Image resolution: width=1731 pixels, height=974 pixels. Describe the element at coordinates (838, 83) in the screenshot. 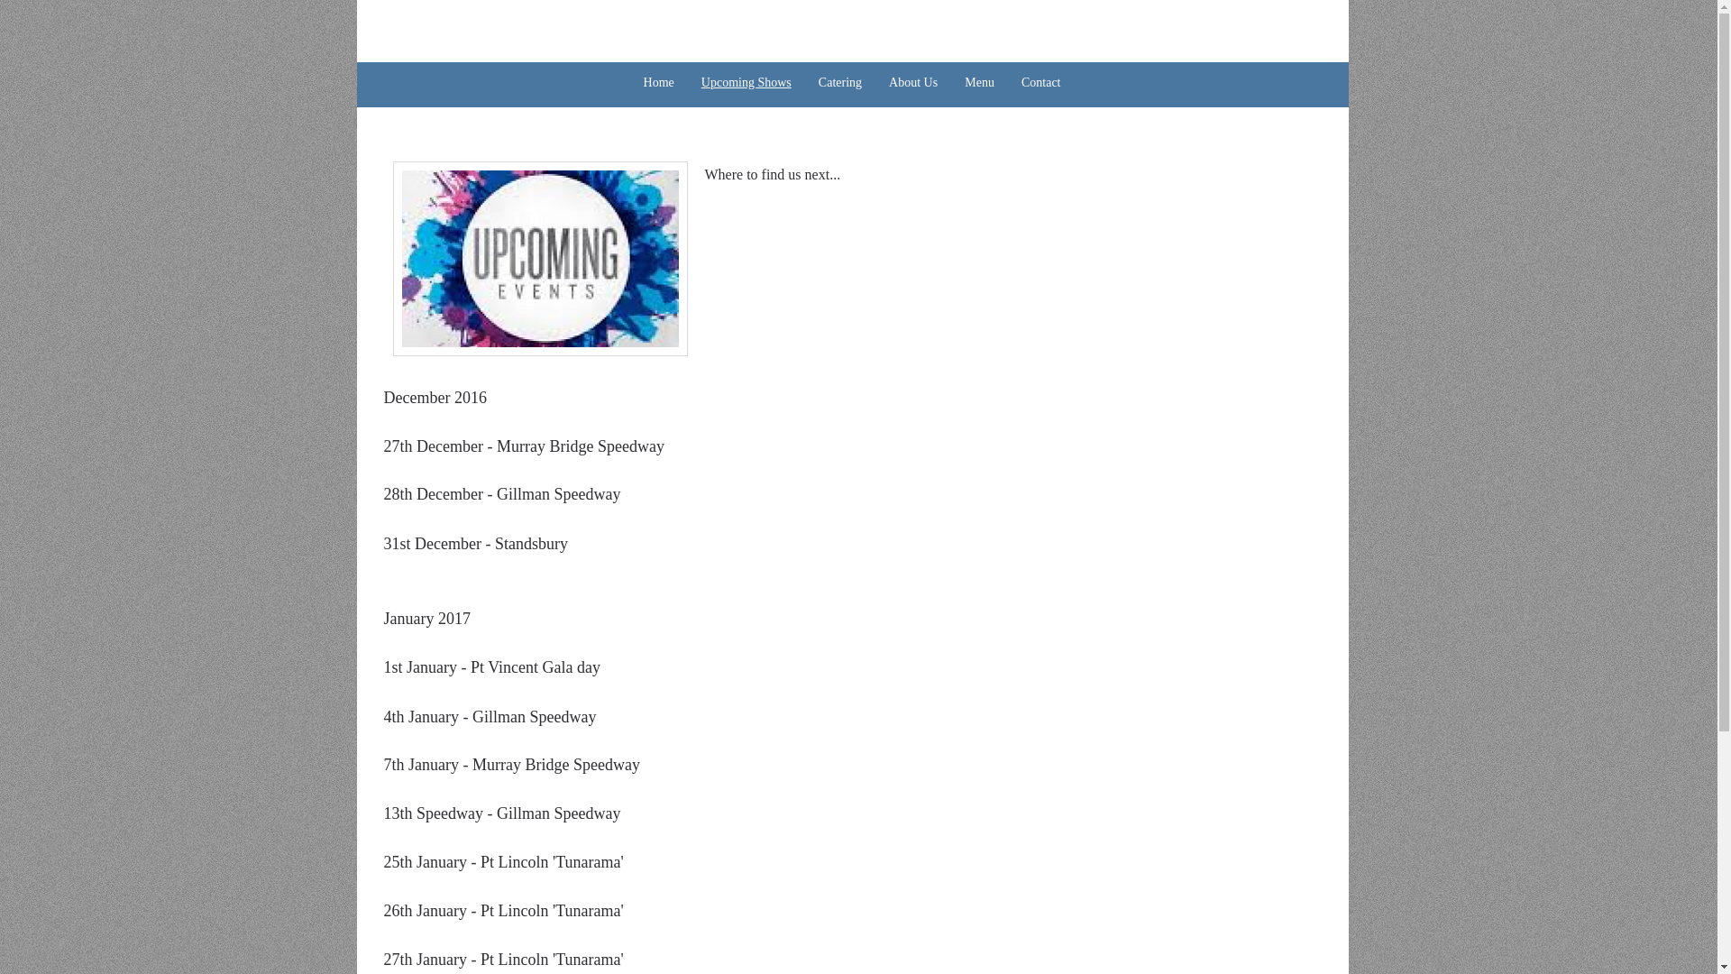

I see `'Catering'` at that location.